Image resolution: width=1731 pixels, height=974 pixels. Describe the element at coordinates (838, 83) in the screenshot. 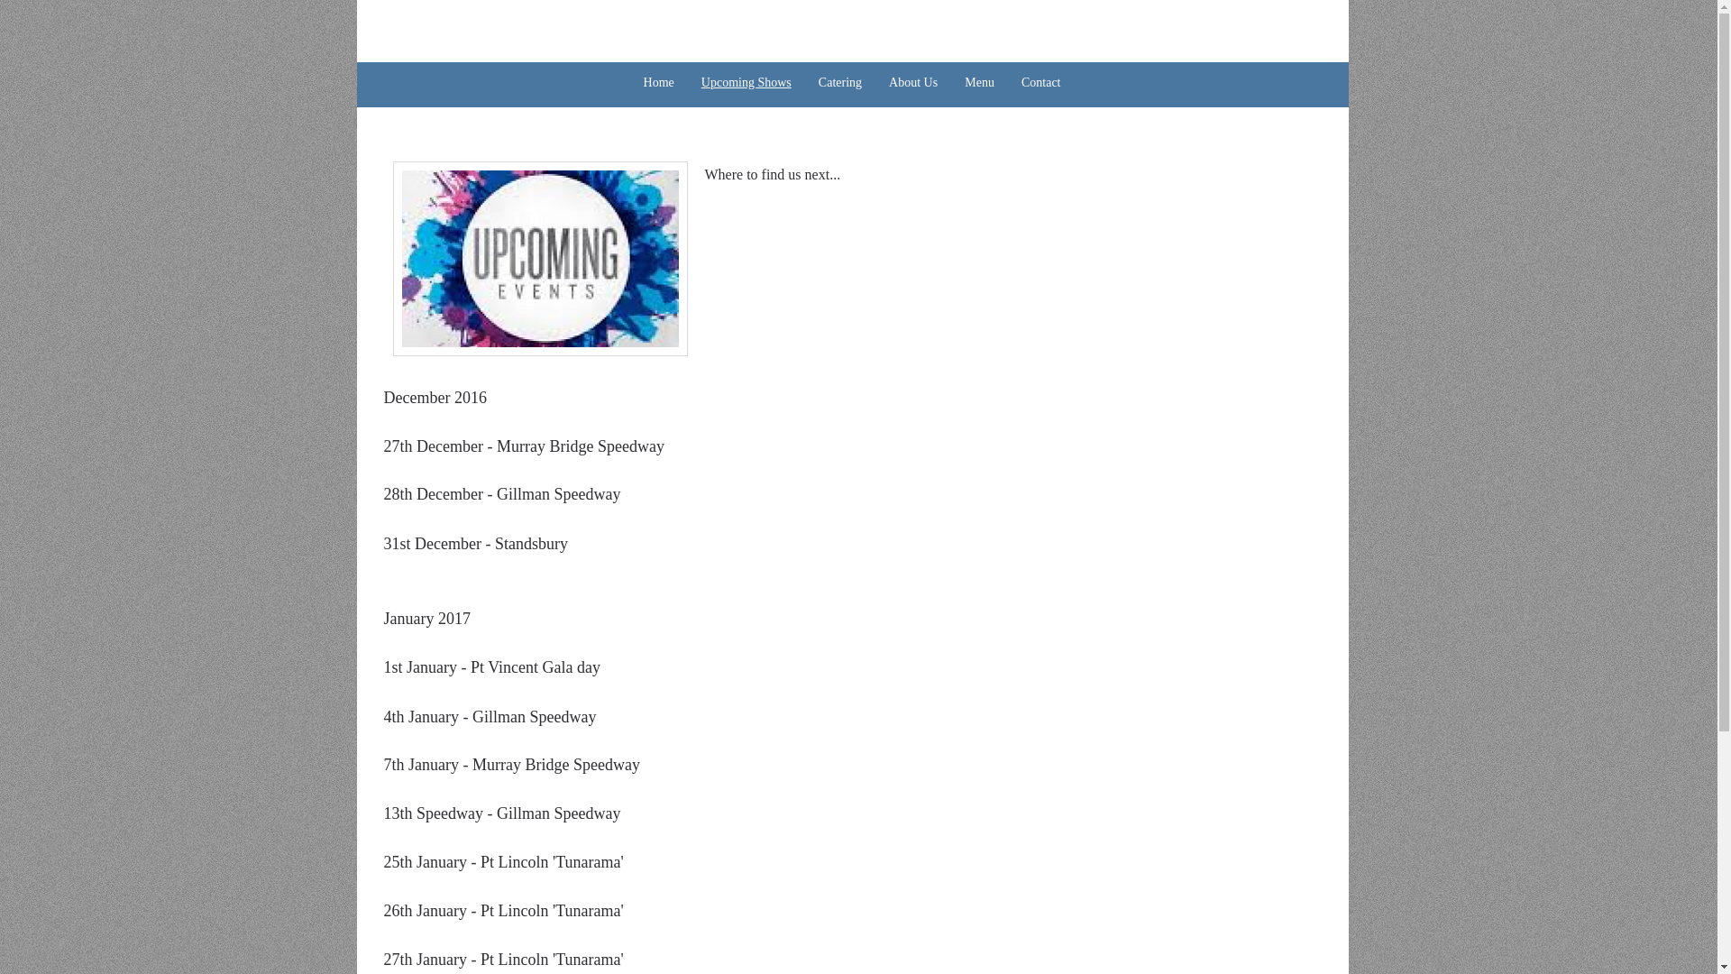

I see `'Catering'` at that location.